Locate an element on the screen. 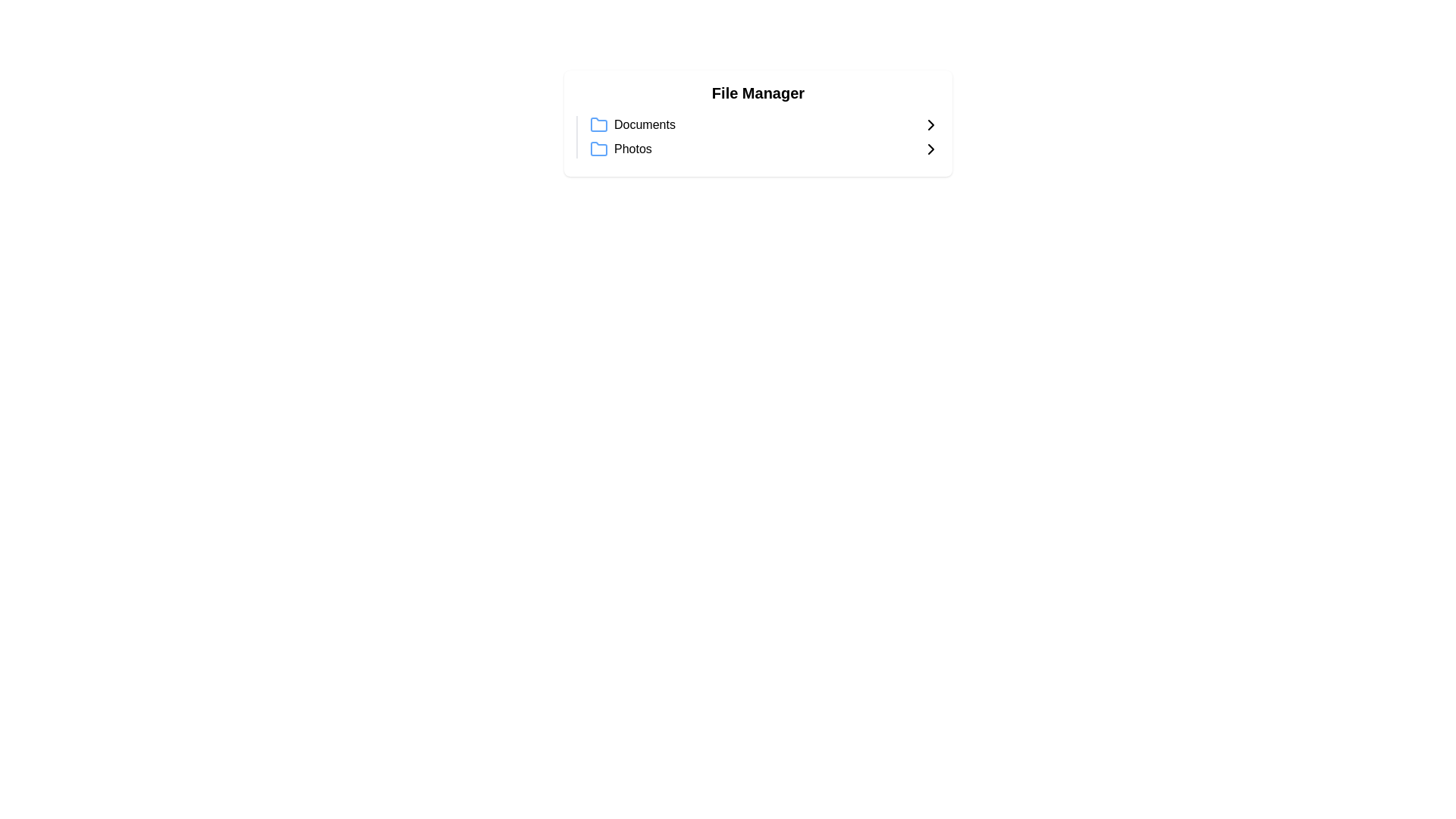  the Chevron Right icon located on the right-hand side of the 'Documents' list item is located at coordinates (930, 124).